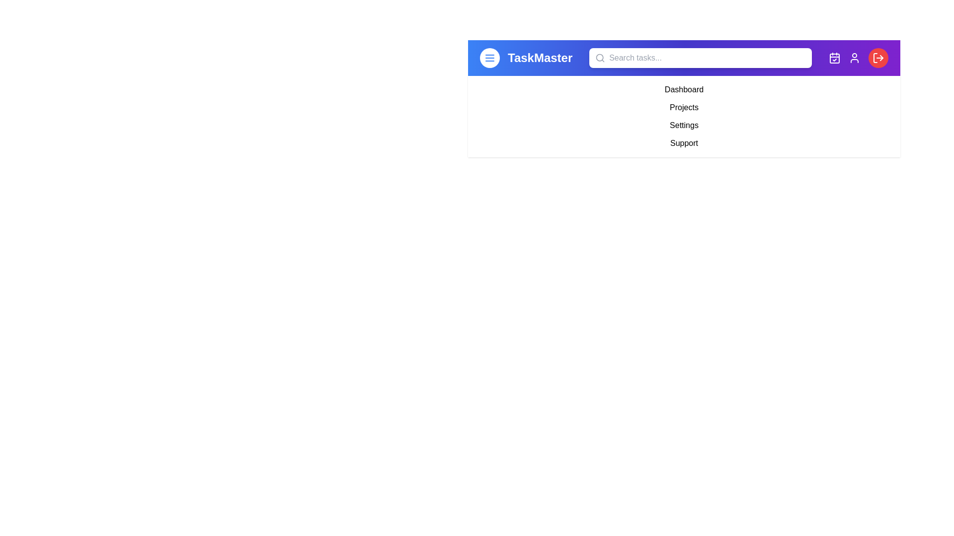  I want to click on the 'Support' menu item to navigate to the 'Support' section, so click(684, 143).